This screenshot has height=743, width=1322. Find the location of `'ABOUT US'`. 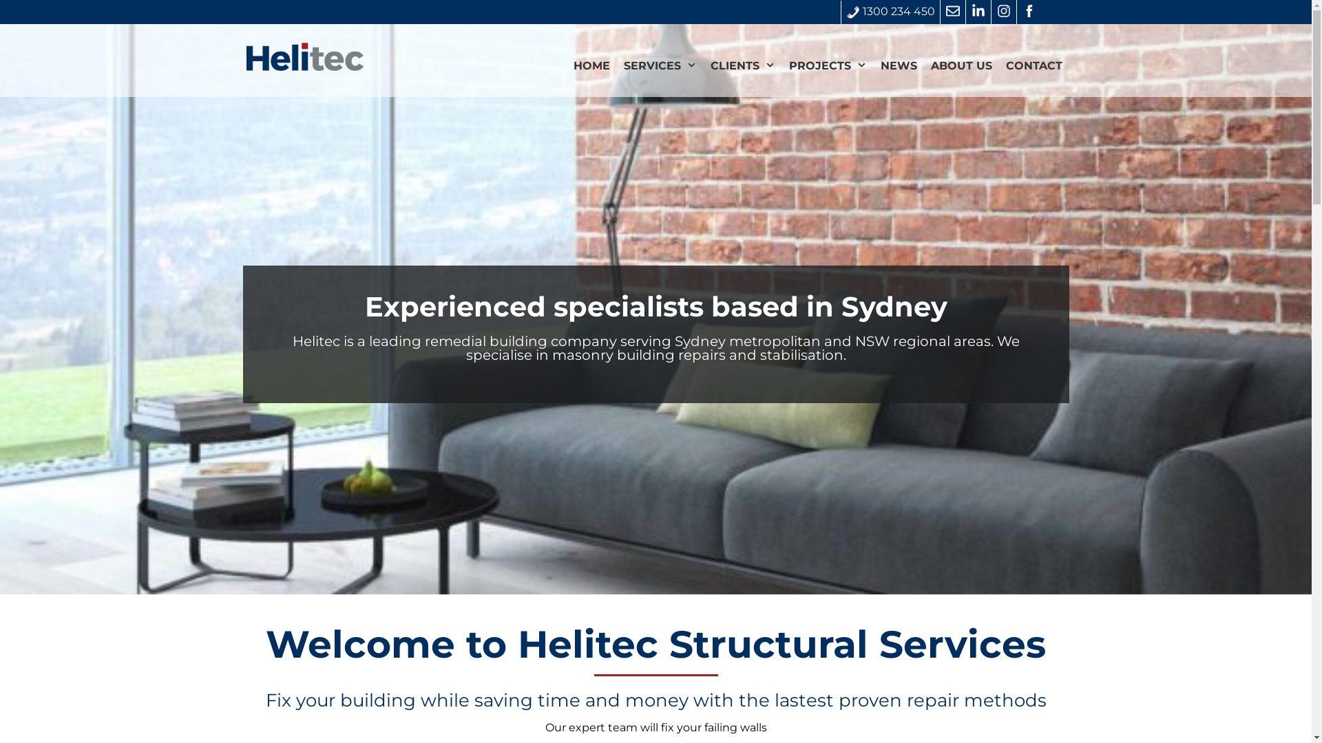

'ABOUT US' is located at coordinates (961, 66).